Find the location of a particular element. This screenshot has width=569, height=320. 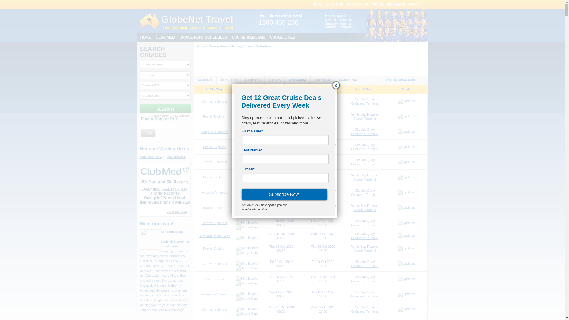

'Bridge Cam' is located at coordinates (247, 253).